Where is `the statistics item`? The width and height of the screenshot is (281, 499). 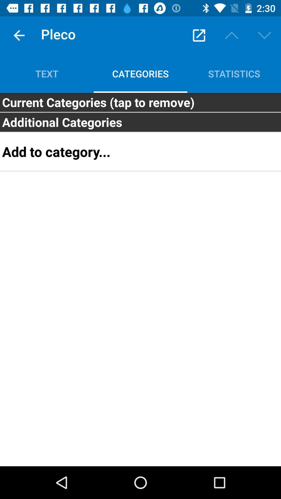
the statistics item is located at coordinates (234, 73).